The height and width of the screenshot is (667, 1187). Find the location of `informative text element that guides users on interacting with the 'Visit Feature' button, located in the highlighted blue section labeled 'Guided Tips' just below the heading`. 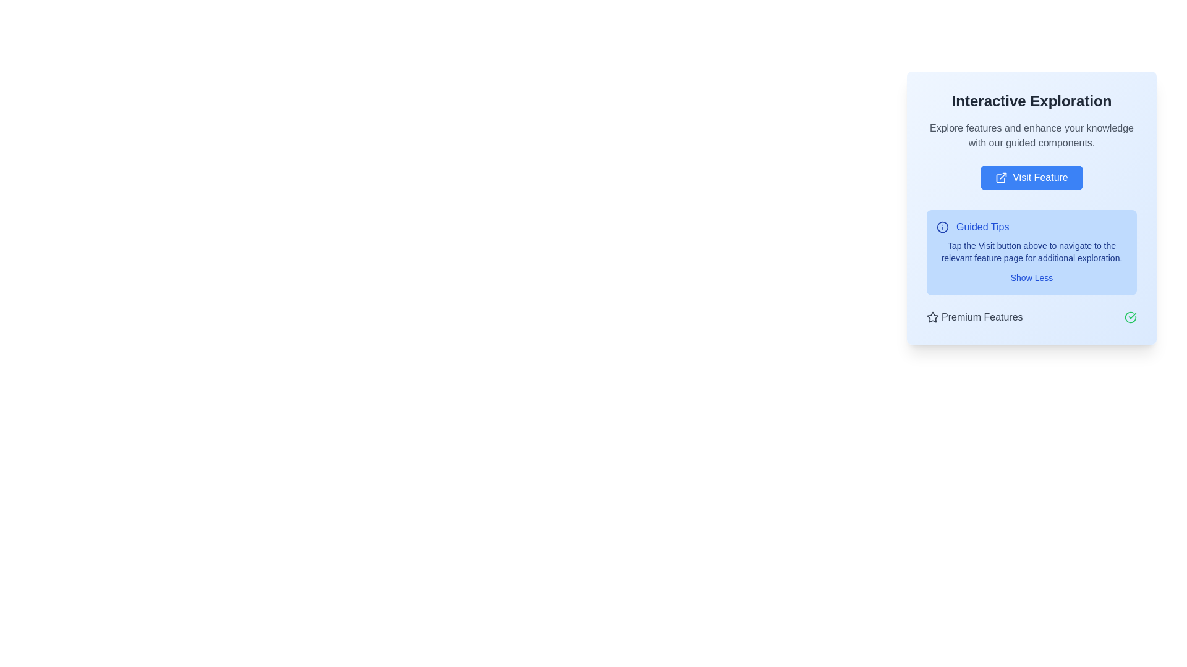

informative text element that guides users on interacting with the 'Visit Feature' button, located in the highlighted blue section labeled 'Guided Tips' just below the heading is located at coordinates (1032, 251).